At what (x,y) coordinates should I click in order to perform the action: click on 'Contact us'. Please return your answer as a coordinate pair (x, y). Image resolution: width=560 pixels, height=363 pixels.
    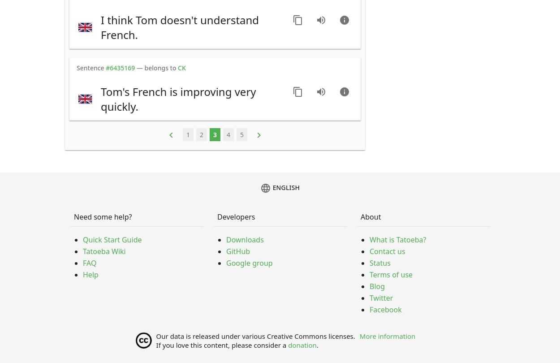
    Looking at the image, I should click on (387, 251).